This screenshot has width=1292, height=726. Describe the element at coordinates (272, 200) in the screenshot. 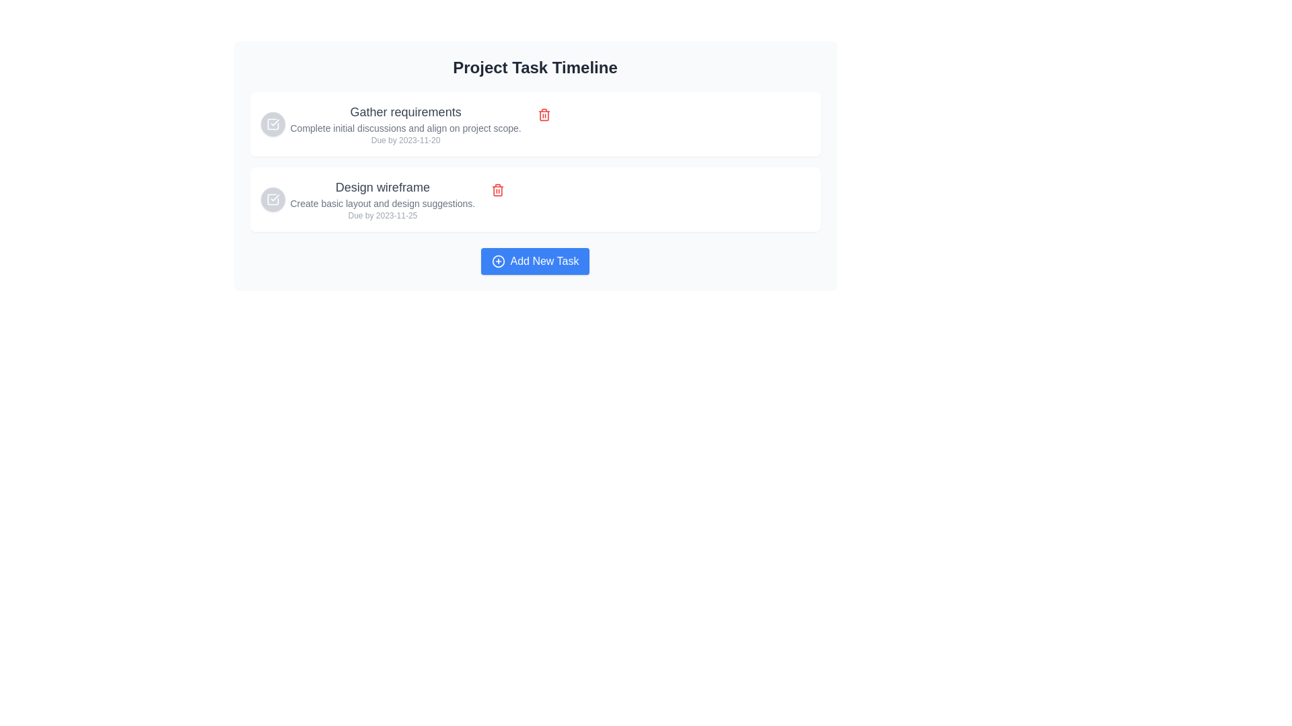

I see `the status indicator icon located to the left of the 'Design wireframe' task` at that location.